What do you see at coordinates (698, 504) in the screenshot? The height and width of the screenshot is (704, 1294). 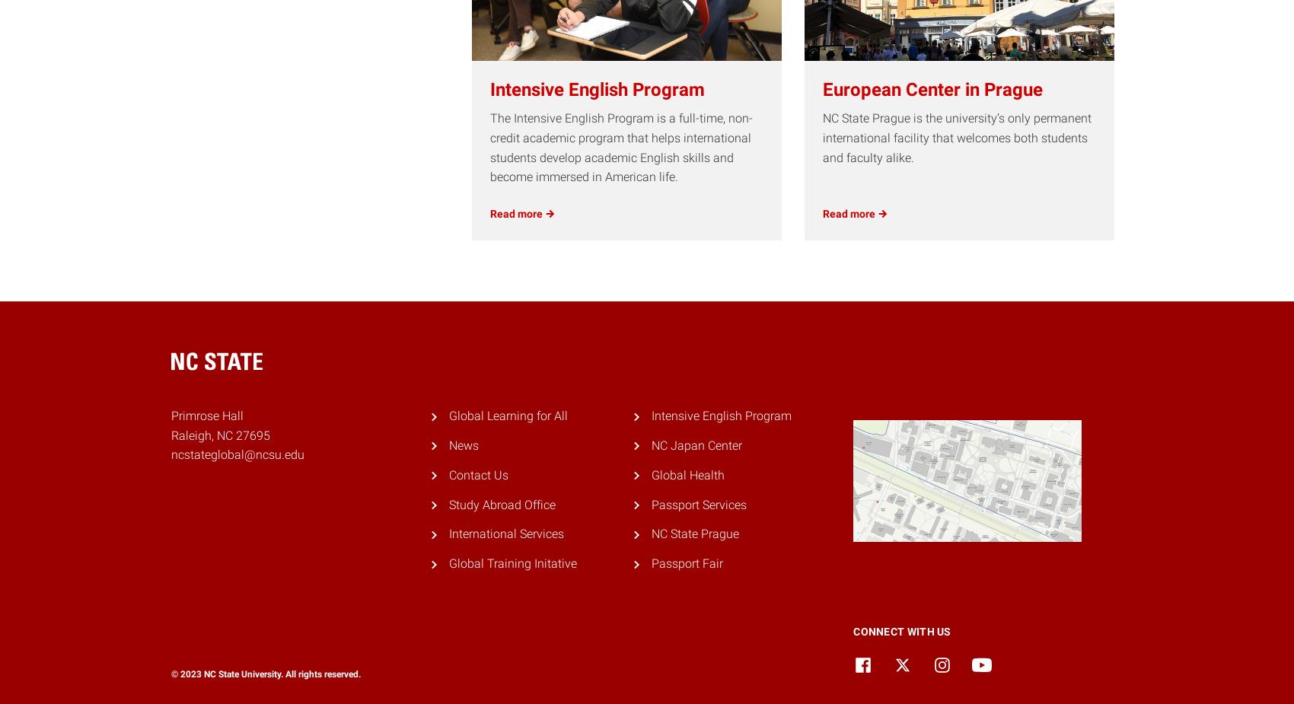 I see `'Passport Services'` at bounding box center [698, 504].